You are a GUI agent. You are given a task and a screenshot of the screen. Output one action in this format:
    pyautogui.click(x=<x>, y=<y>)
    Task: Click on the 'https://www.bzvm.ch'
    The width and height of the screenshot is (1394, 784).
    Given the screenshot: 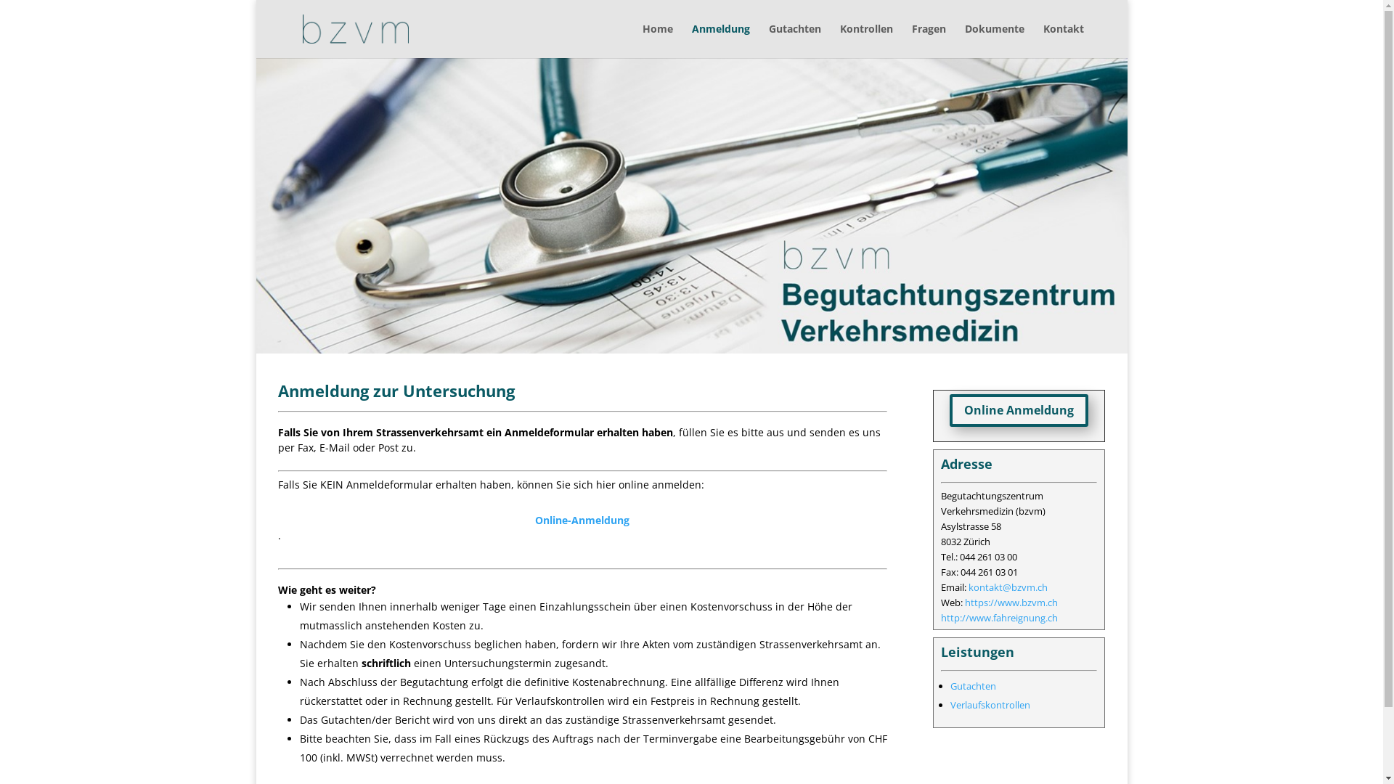 What is the action you would take?
    pyautogui.click(x=1010, y=602)
    